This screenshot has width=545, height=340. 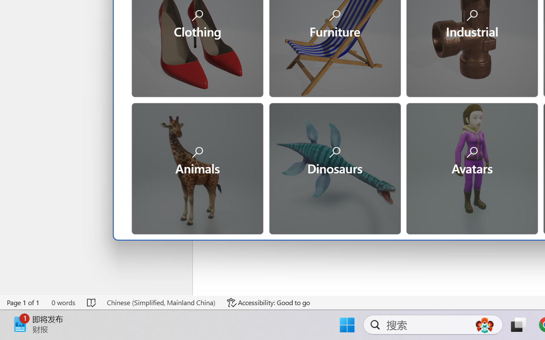 I want to click on 'Dinosaurs', so click(x=334, y=167).